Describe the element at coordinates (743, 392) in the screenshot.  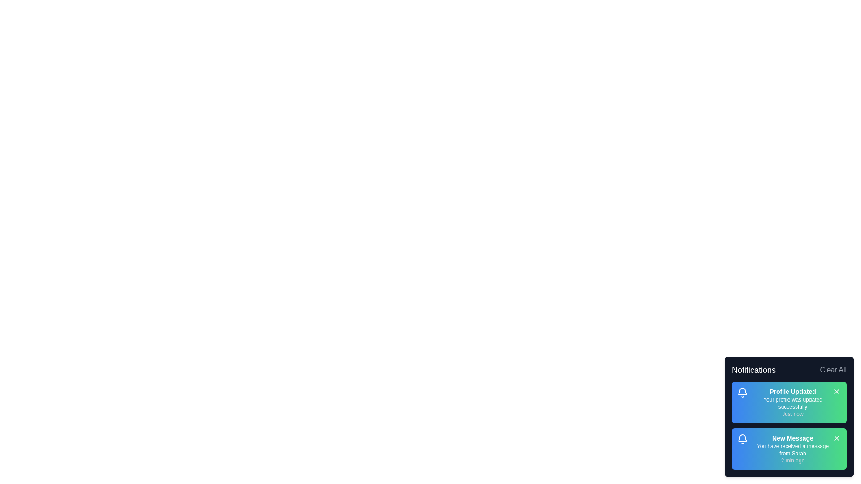
I see `the bell icon of the notification titled 'Profile Updated'` at that location.